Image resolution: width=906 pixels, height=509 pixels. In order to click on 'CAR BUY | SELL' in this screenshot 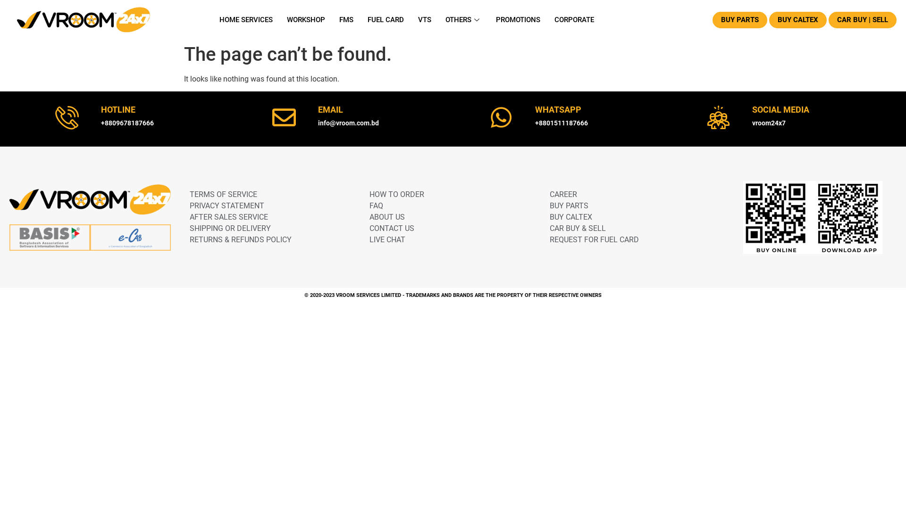, I will do `click(863, 19)`.